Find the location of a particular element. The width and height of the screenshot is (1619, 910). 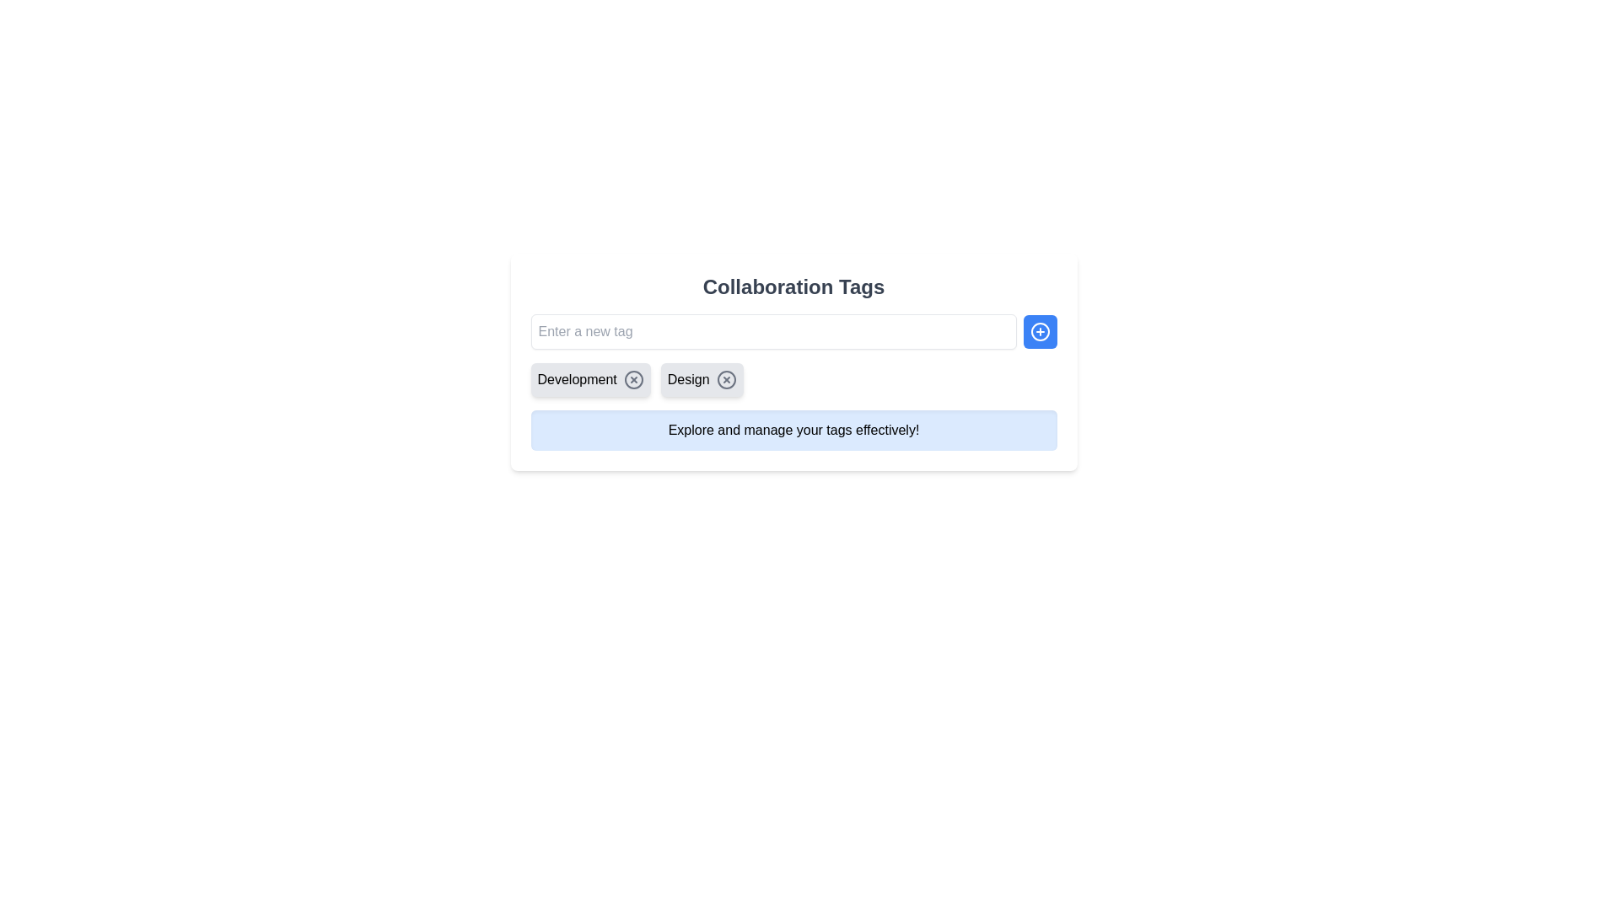

the 'Design' tag element, which is the second tag in a horizontally aligned list and includes a removal button is located at coordinates (702, 380).